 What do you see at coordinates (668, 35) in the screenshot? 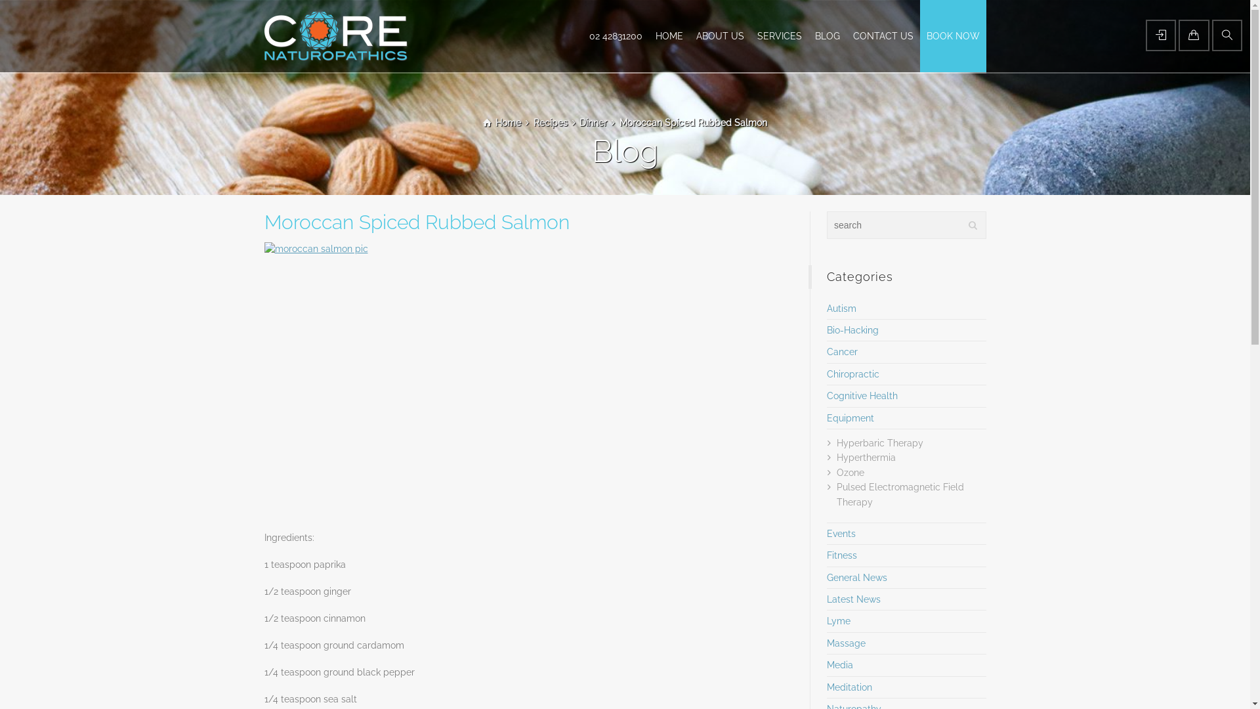
I see `'HOME'` at bounding box center [668, 35].